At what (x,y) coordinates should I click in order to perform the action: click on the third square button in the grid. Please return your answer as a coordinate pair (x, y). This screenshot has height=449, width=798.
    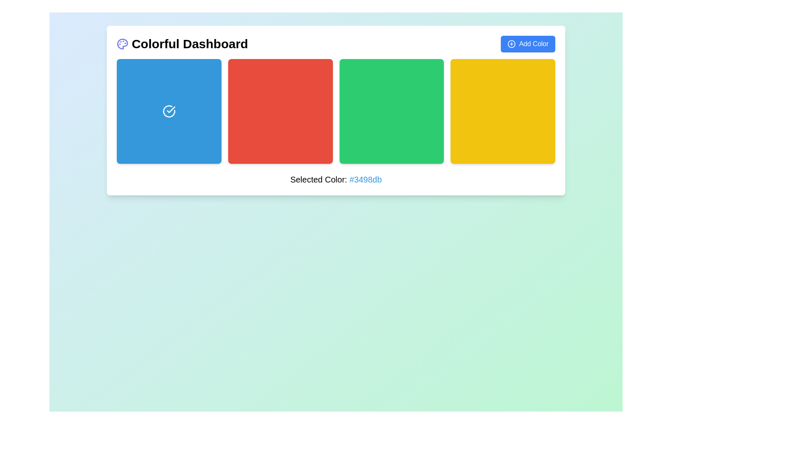
    Looking at the image, I should click on (391, 111).